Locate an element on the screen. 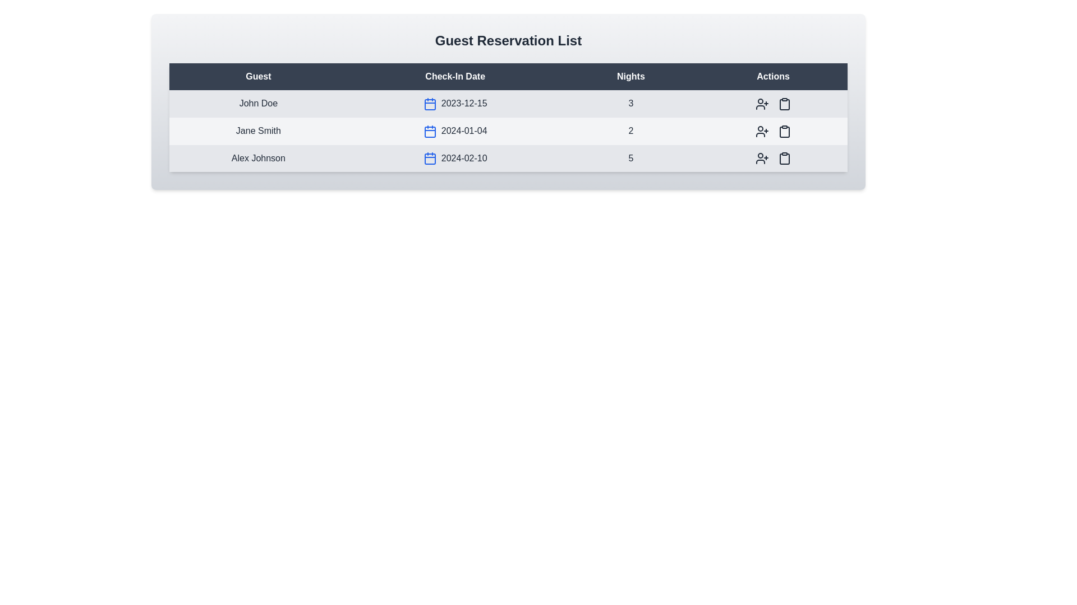  the check-in date icon for the guest 'Alex Johnson' in the reservation table is located at coordinates (455, 158).